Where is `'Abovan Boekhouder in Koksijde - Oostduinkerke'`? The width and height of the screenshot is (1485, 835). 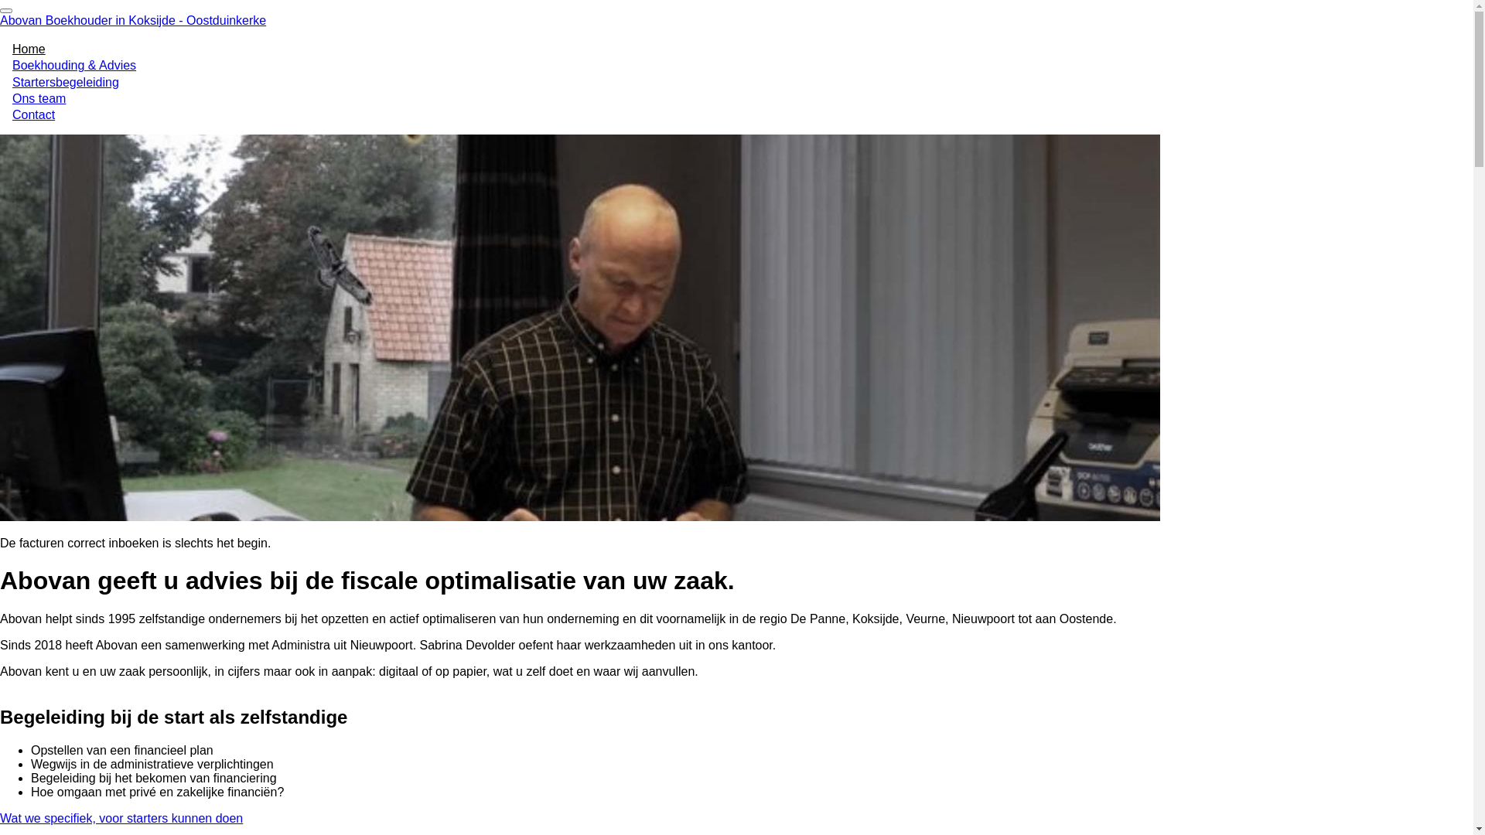 'Abovan Boekhouder in Koksijde - Oostduinkerke' is located at coordinates (133, 20).